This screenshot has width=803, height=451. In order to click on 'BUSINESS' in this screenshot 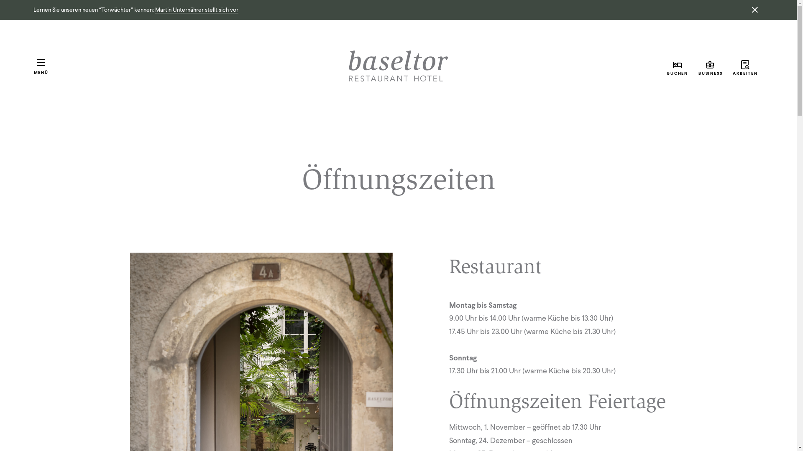, I will do `click(710, 66)`.